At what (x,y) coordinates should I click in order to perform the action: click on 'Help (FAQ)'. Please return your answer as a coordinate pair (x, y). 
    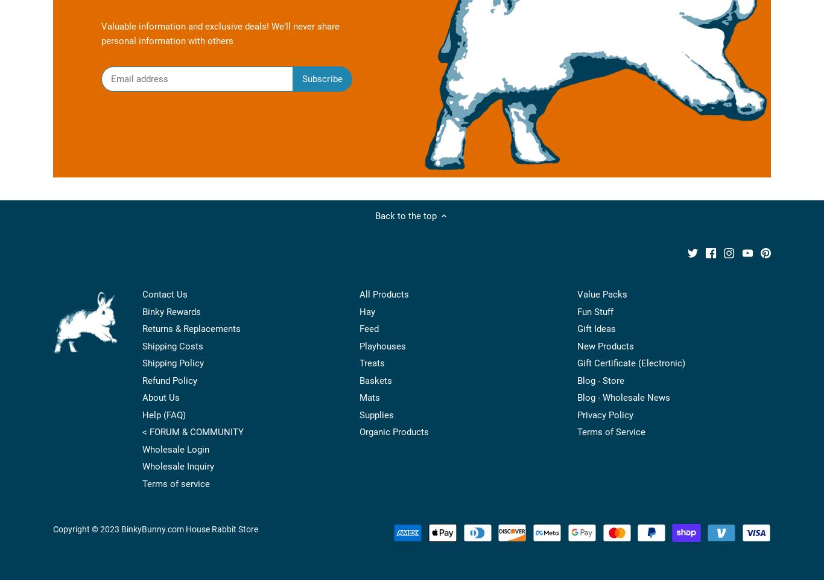
    Looking at the image, I should click on (163, 414).